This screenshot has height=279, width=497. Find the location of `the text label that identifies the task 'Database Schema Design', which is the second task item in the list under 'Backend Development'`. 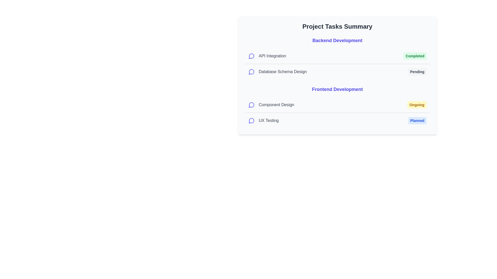

the text label that identifies the task 'Database Schema Design', which is the second task item in the list under 'Backend Development' is located at coordinates (282, 72).